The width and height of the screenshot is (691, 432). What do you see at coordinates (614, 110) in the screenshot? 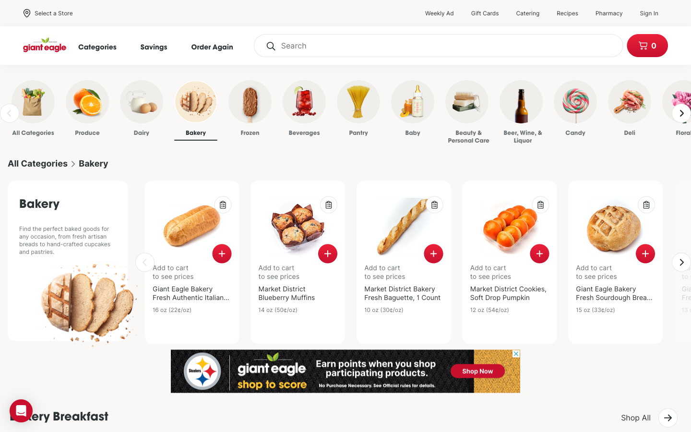
I see `the Deli Category` at bounding box center [614, 110].